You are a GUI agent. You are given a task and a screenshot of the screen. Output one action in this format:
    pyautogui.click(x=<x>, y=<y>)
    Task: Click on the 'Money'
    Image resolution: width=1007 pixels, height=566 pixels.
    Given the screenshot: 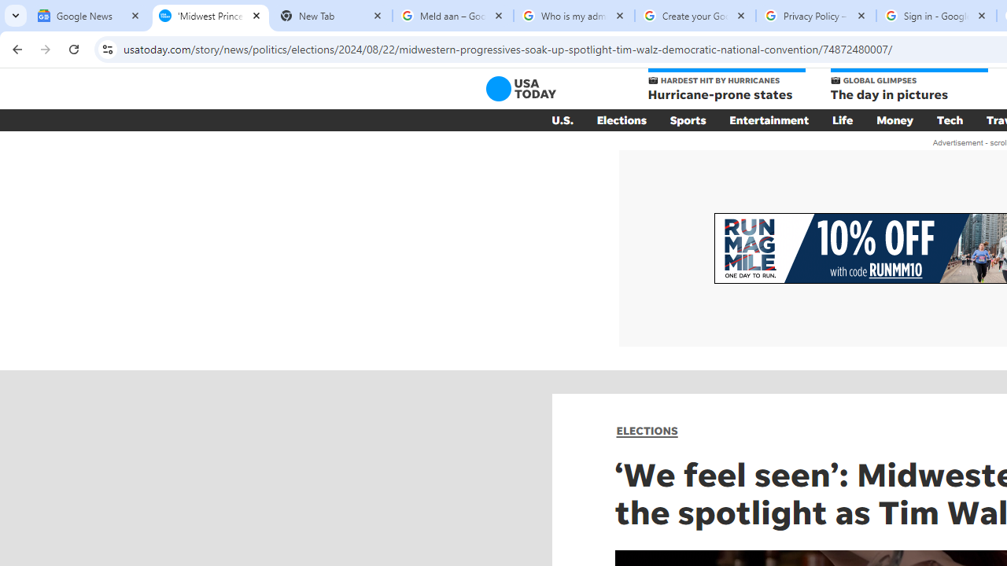 What is the action you would take?
    pyautogui.click(x=894, y=119)
    